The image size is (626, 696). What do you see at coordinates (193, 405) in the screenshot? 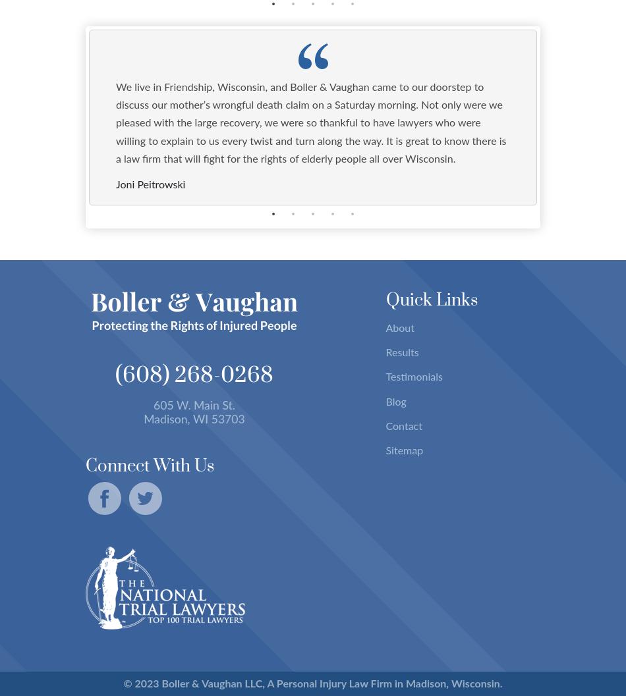
I see `'605 W. Main St.'` at bounding box center [193, 405].